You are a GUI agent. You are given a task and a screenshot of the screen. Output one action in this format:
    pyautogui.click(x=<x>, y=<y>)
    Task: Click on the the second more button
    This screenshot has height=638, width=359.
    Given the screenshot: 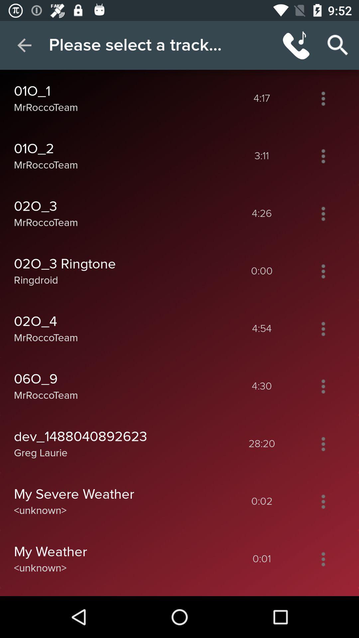 What is the action you would take?
    pyautogui.click(x=323, y=156)
    